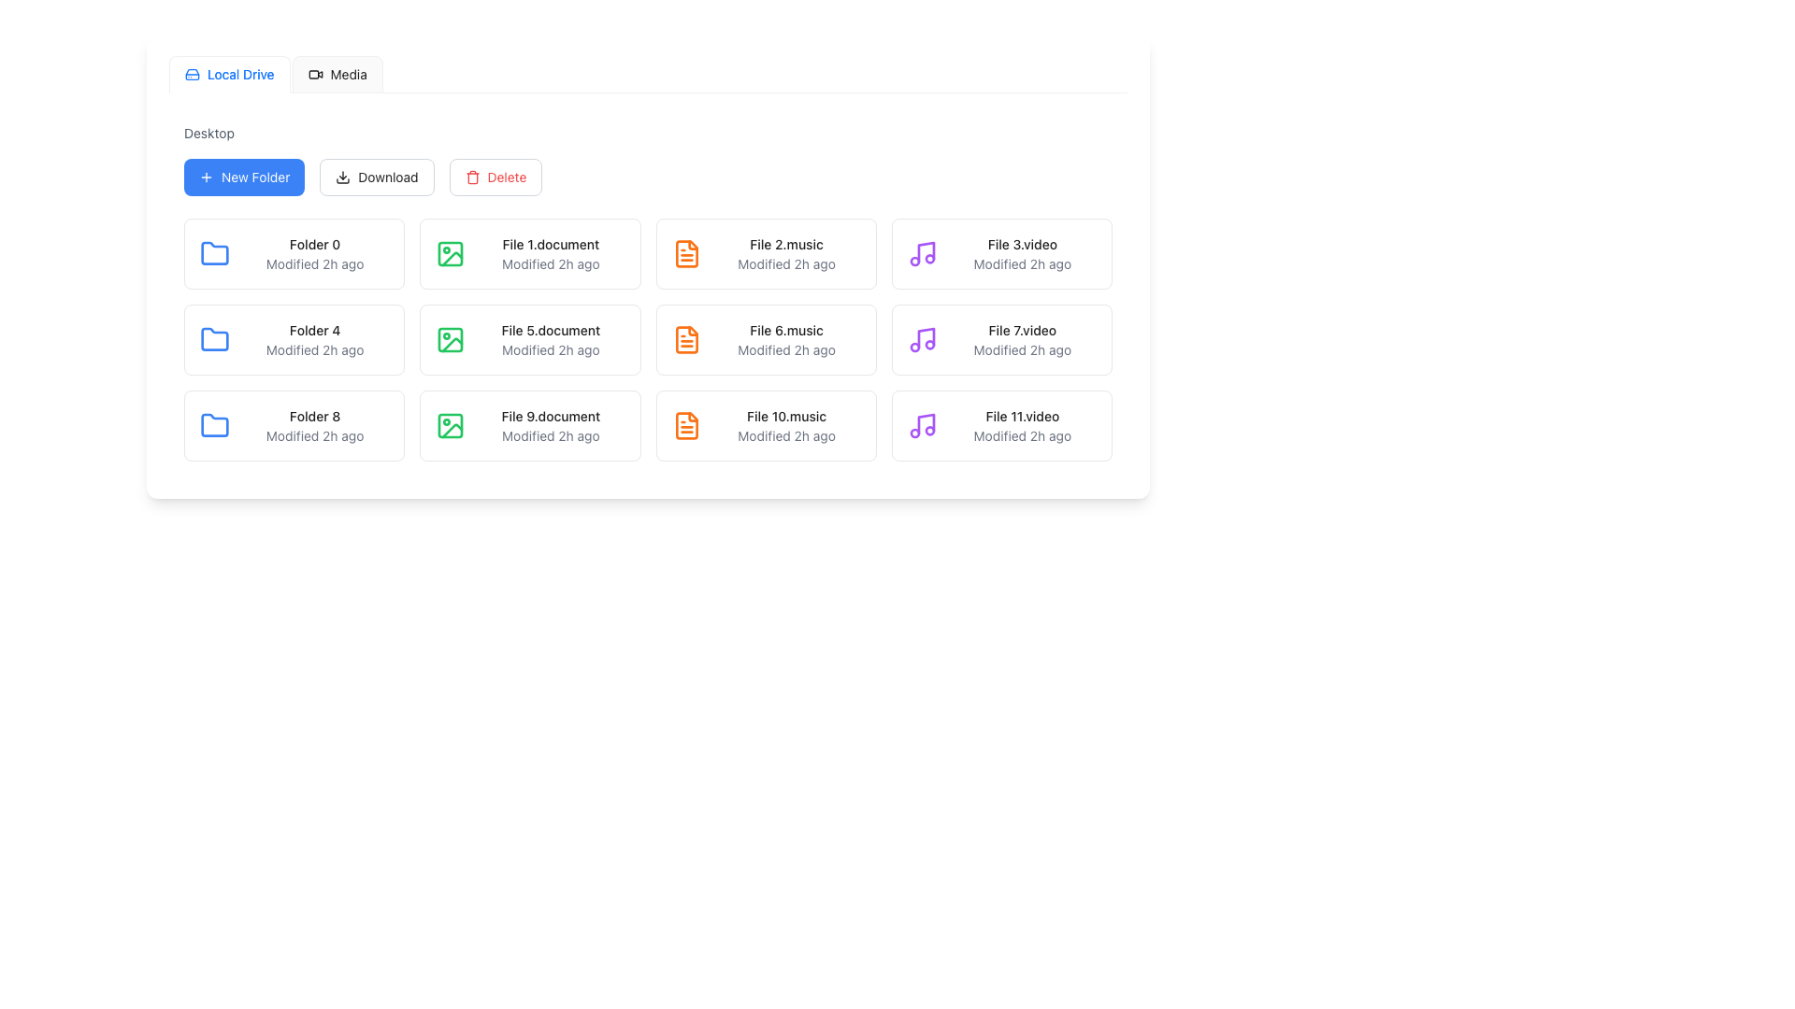 This screenshot has width=1795, height=1009. Describe the element at coordinates (922, 339) in the screenshot. I see `the vibrant purple musical note icon that represents the 'File 7.video' entry located in the second row, third column of the file grid` at that location.